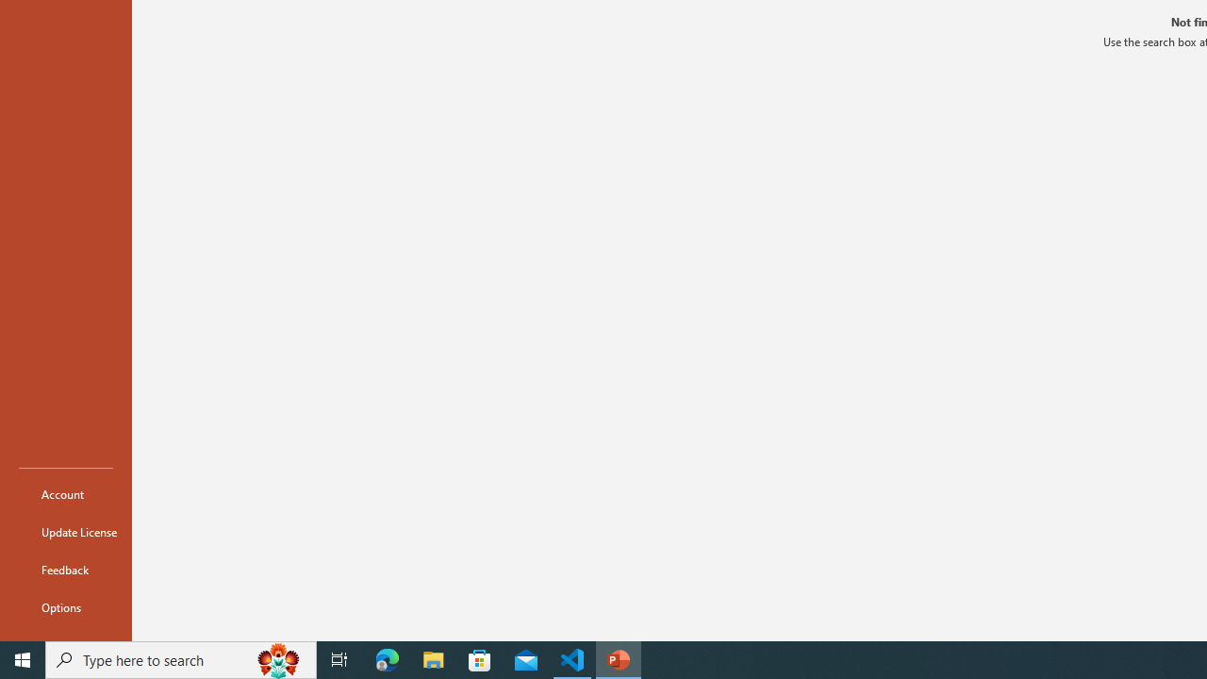  I want to click on 'Account', so click(65, 493).